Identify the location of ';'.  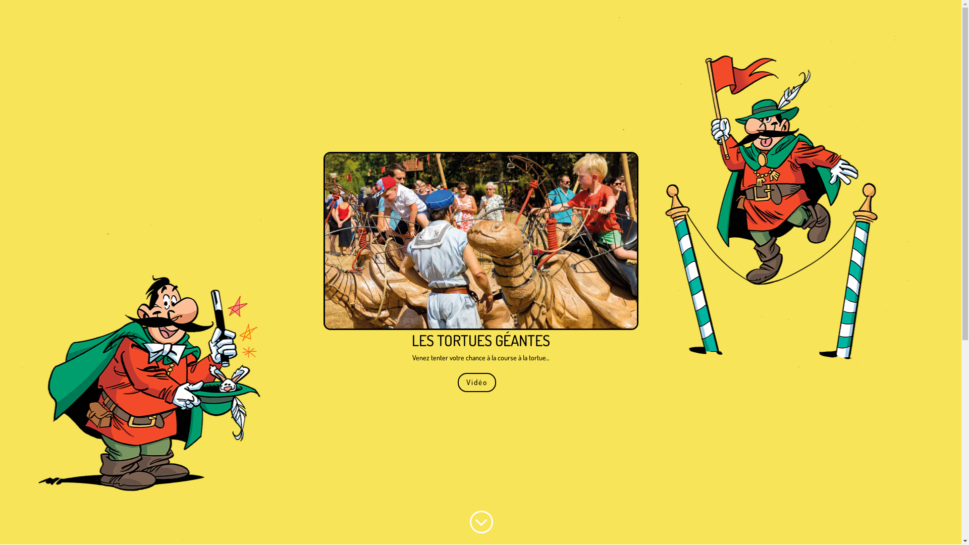
(480, 521).